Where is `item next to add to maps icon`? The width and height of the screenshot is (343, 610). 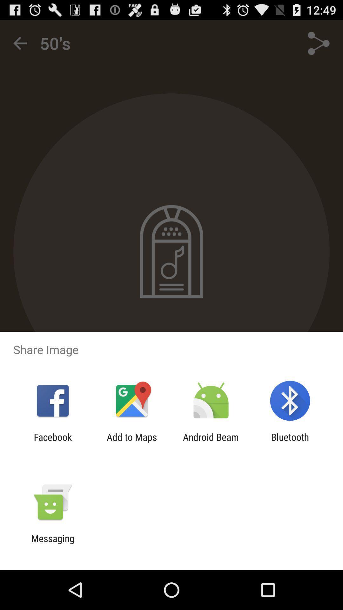 item next to add to maps icon is located at coordinates (211, 442).